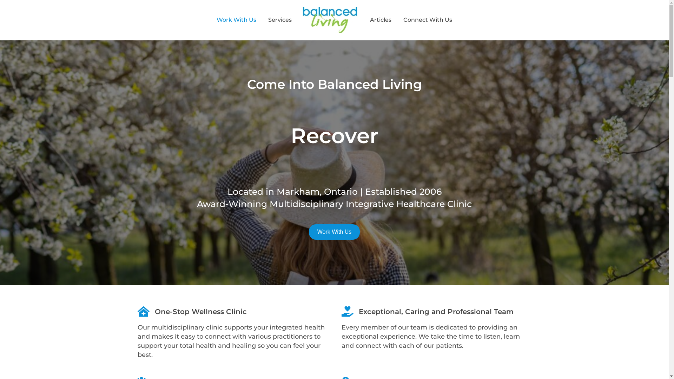  I want to click on 'Articles', so click(364, 20).